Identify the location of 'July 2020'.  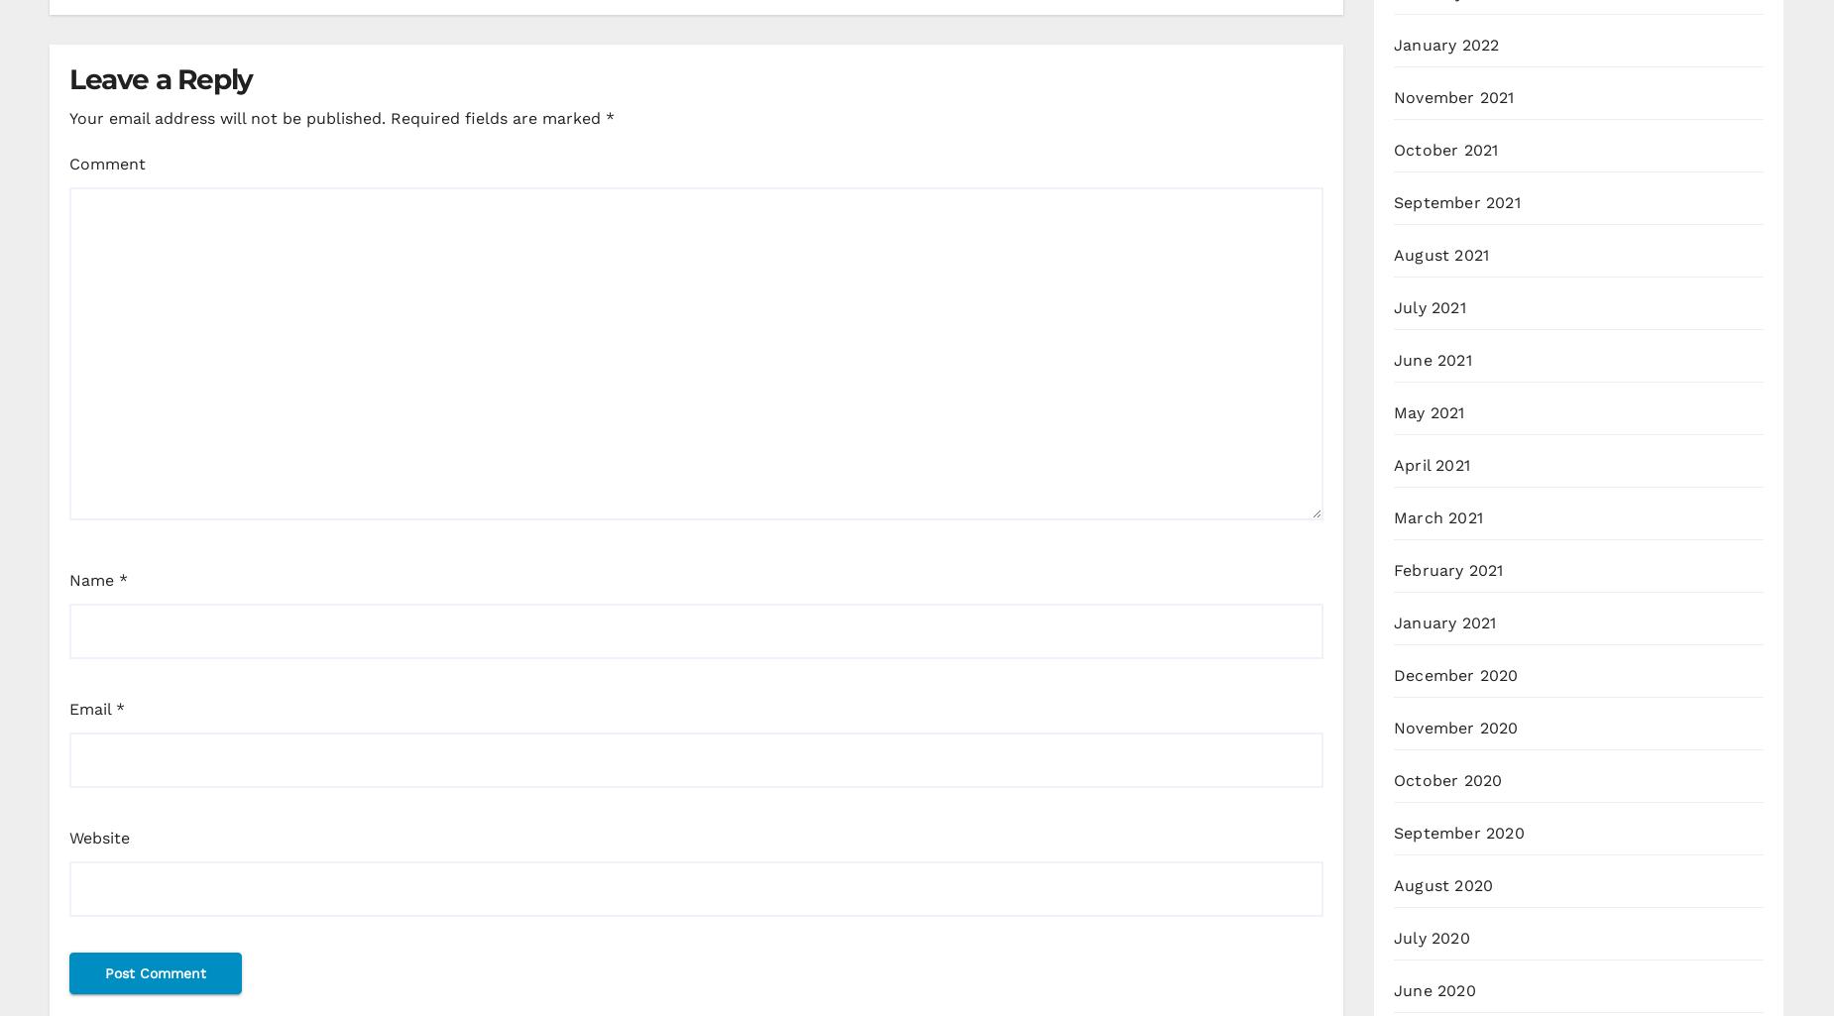
(1394, 938).